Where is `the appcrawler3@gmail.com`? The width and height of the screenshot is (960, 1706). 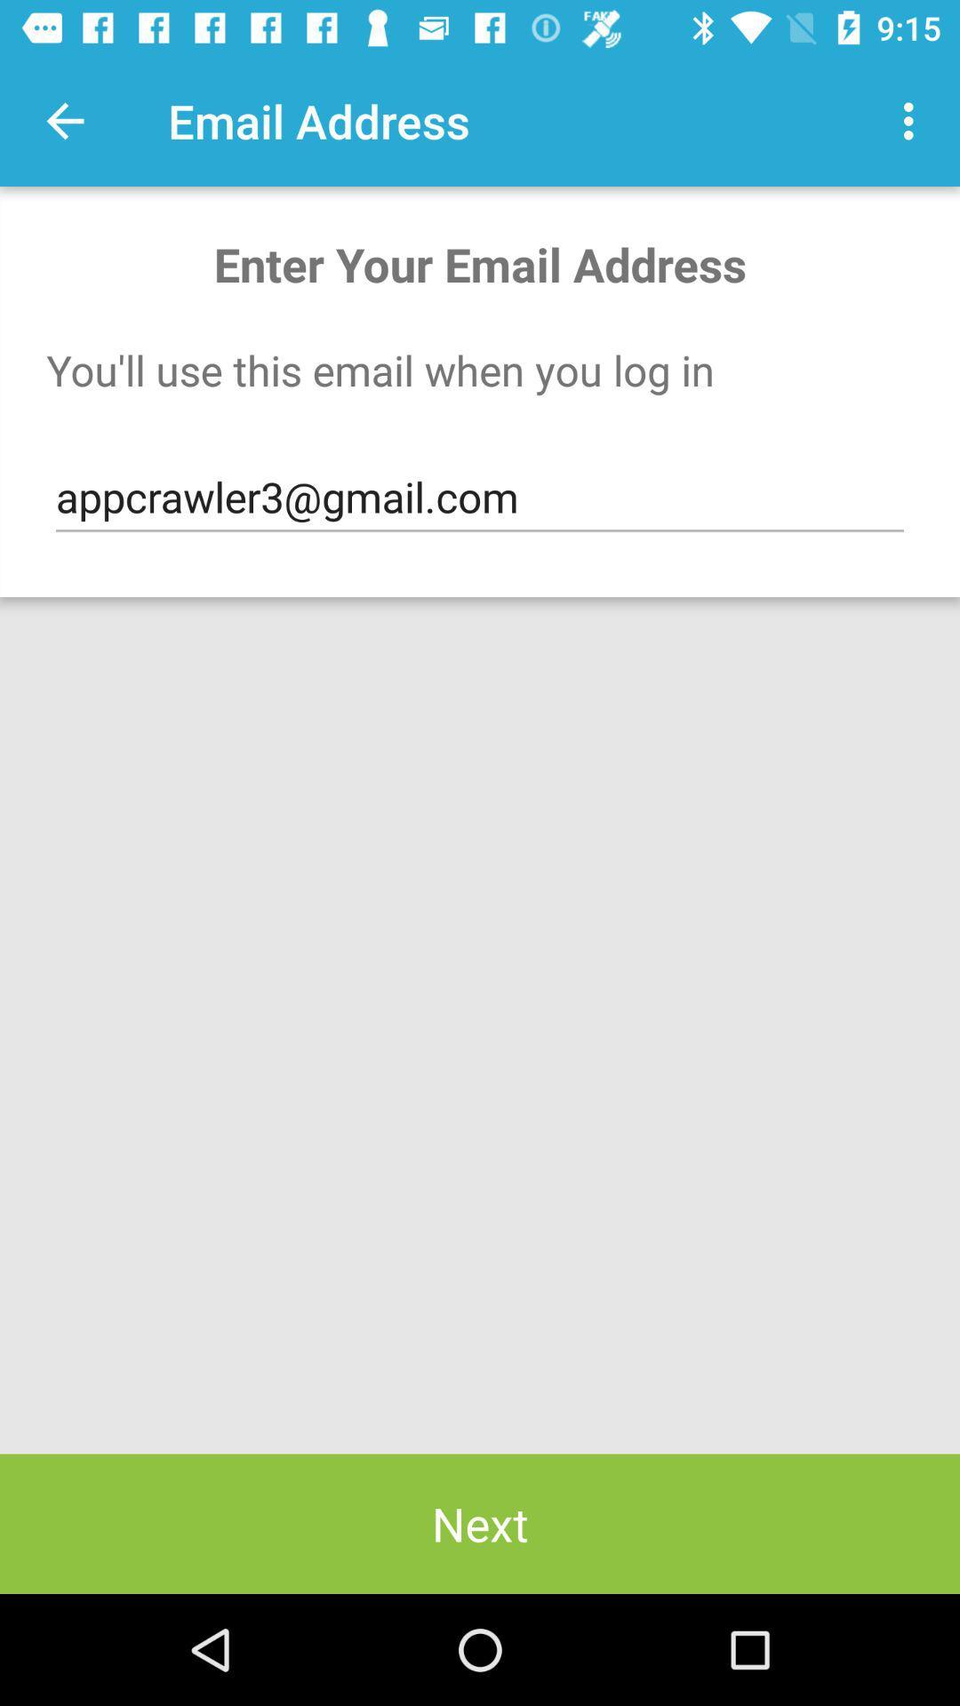
the appcrawler3@gmail.com is located at coordinates (480, 498).